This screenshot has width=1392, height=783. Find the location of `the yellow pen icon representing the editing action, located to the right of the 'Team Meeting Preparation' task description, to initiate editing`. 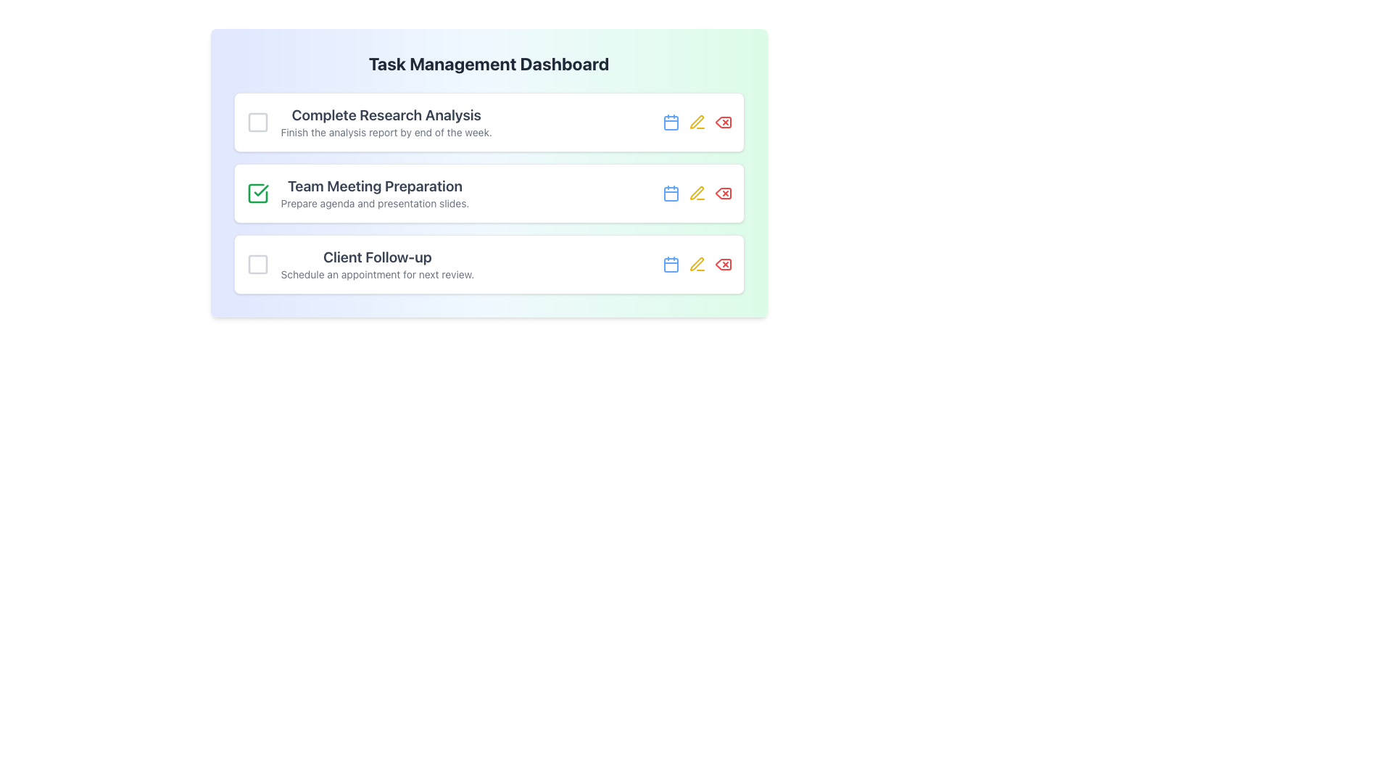

the yellow pen icon representing the editing action, located to the right of the 'Team Meeting Preparation' task description, to initiate editing is located at coordinates (697, 265).